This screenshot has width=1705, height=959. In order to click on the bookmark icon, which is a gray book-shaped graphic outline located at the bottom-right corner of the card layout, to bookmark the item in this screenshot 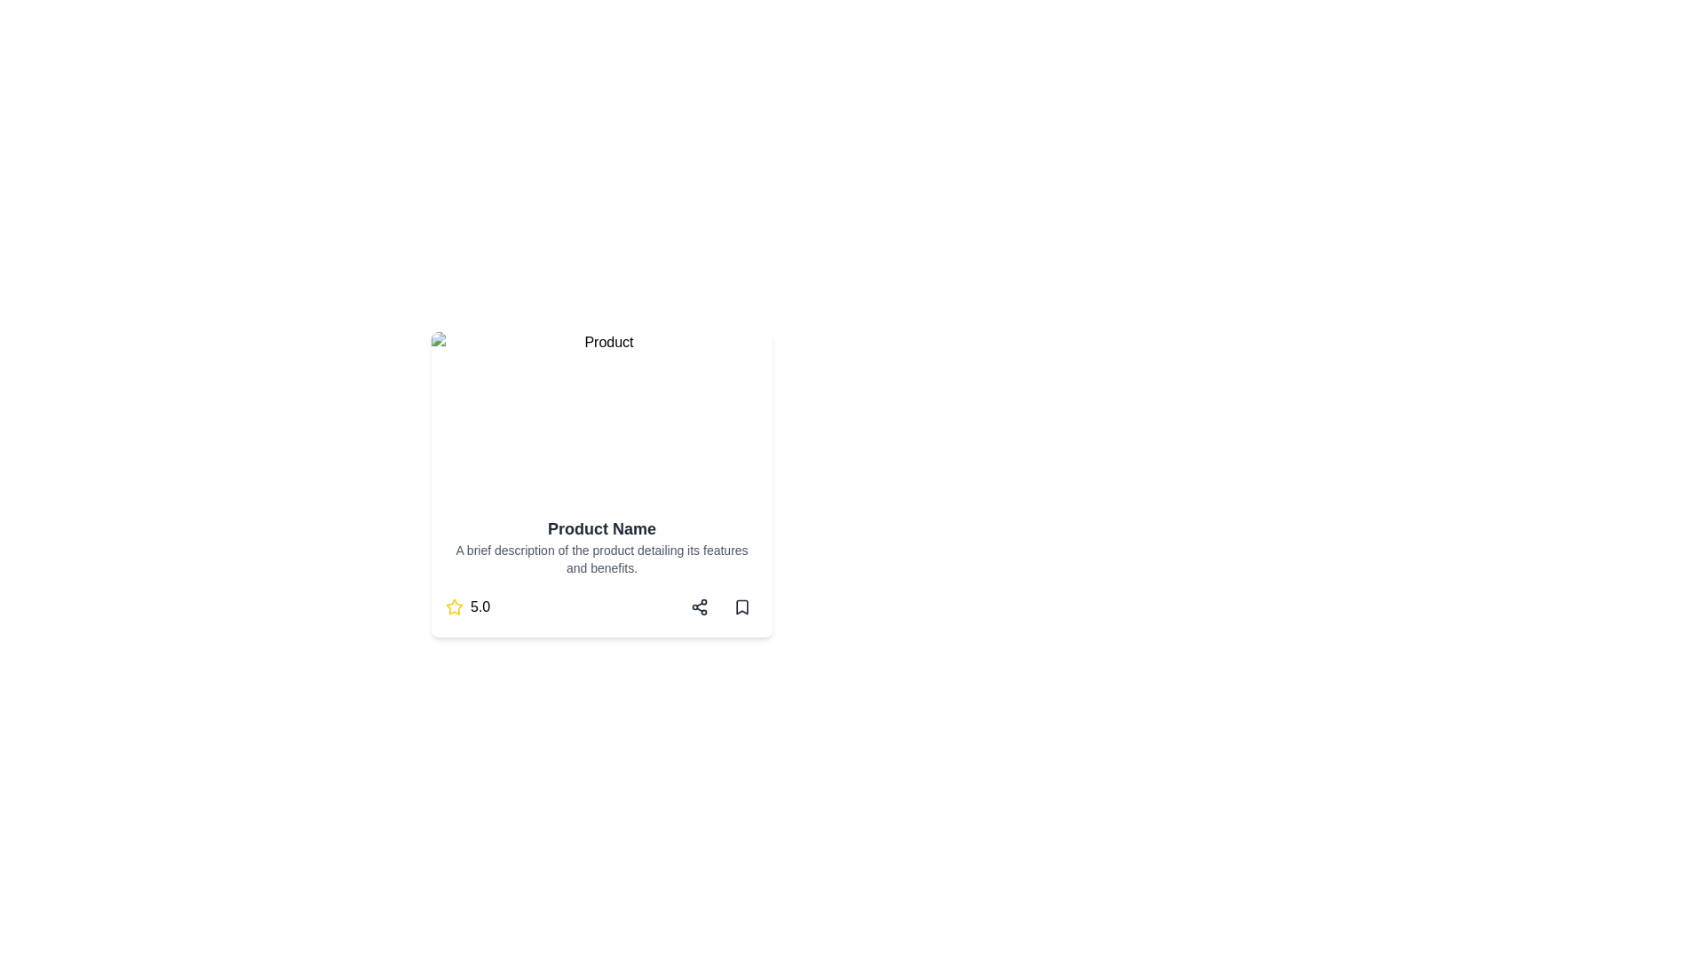, I will do `click(741, 606)`.